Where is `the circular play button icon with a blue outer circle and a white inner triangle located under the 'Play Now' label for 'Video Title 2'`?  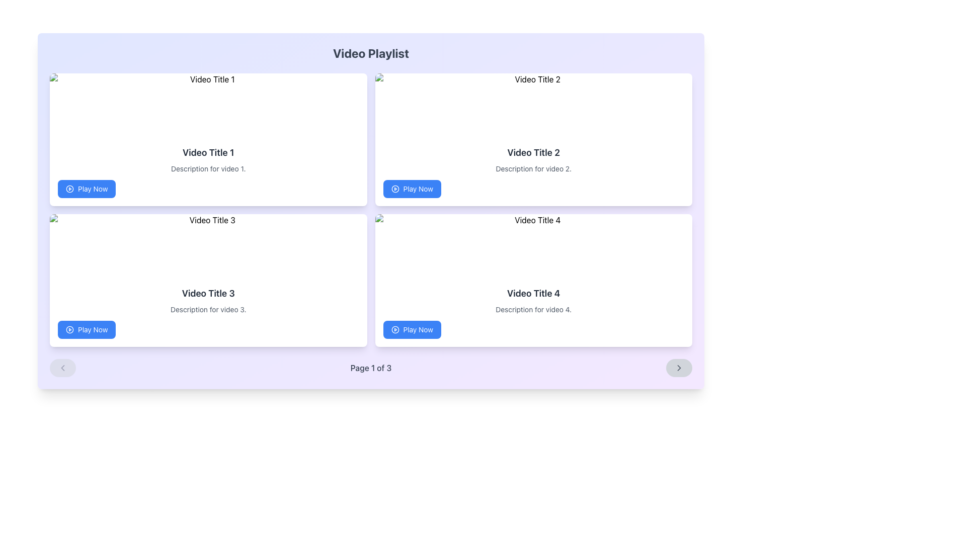
the circular play button icon with a blue outer circle and a white inner triangle located under the 'Play Now' label for 'Video Title 2' is located at coordinates (394, 189).